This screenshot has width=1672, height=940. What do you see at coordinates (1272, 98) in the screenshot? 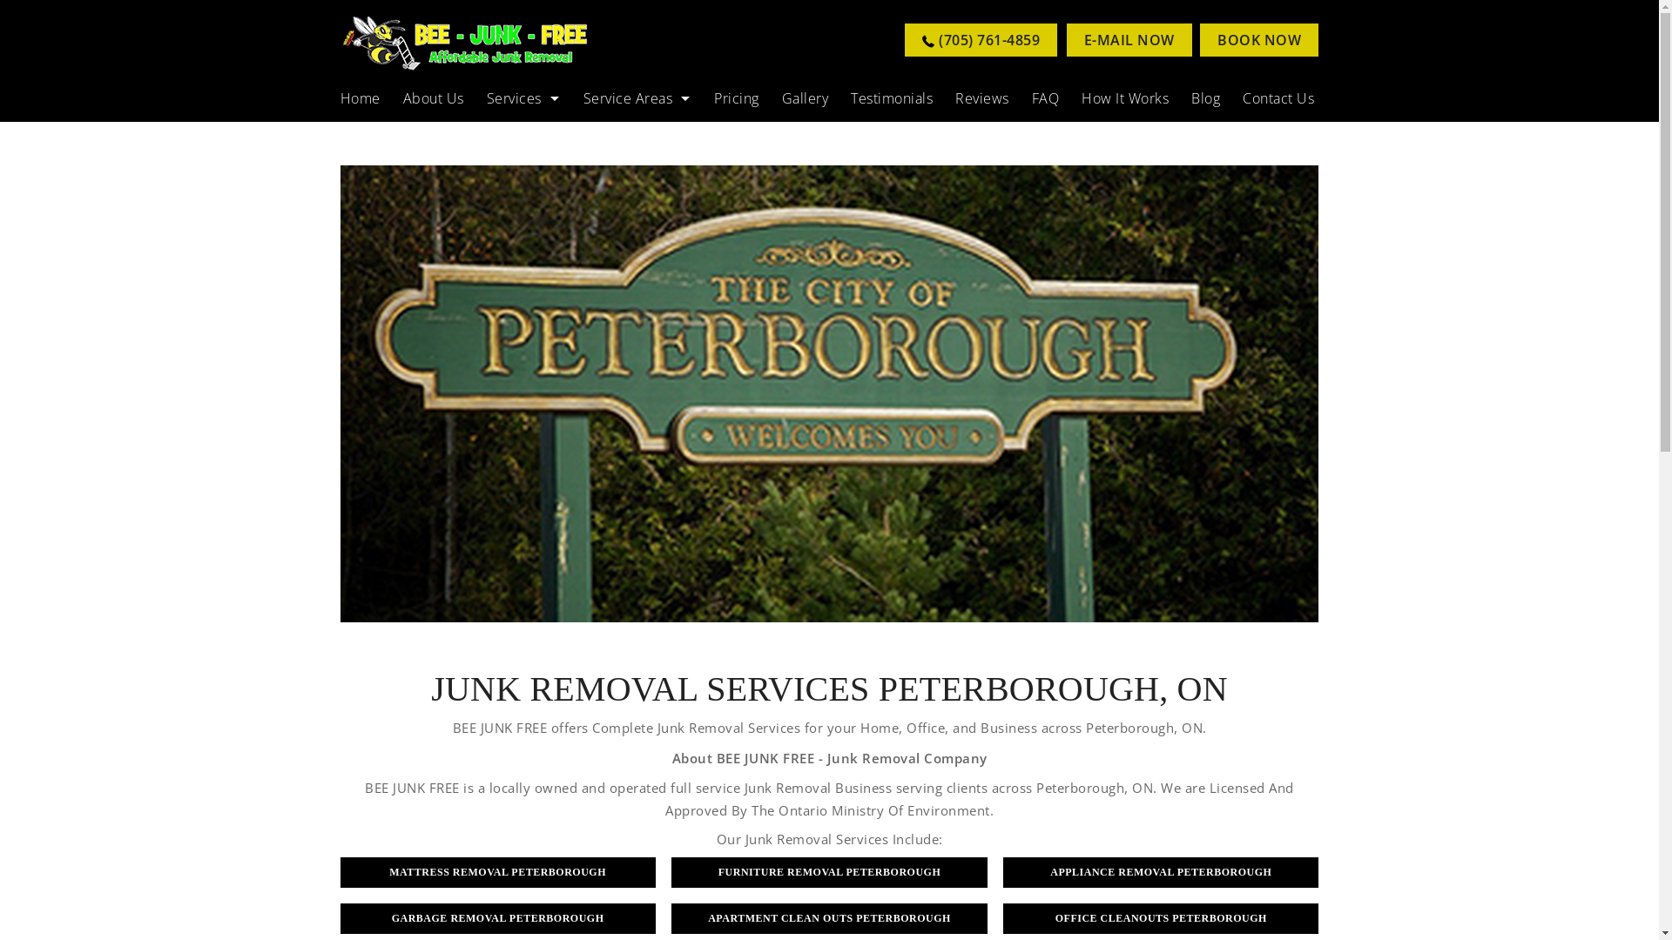
I see `'Contact Us'` at bounding box center [1272, 98].